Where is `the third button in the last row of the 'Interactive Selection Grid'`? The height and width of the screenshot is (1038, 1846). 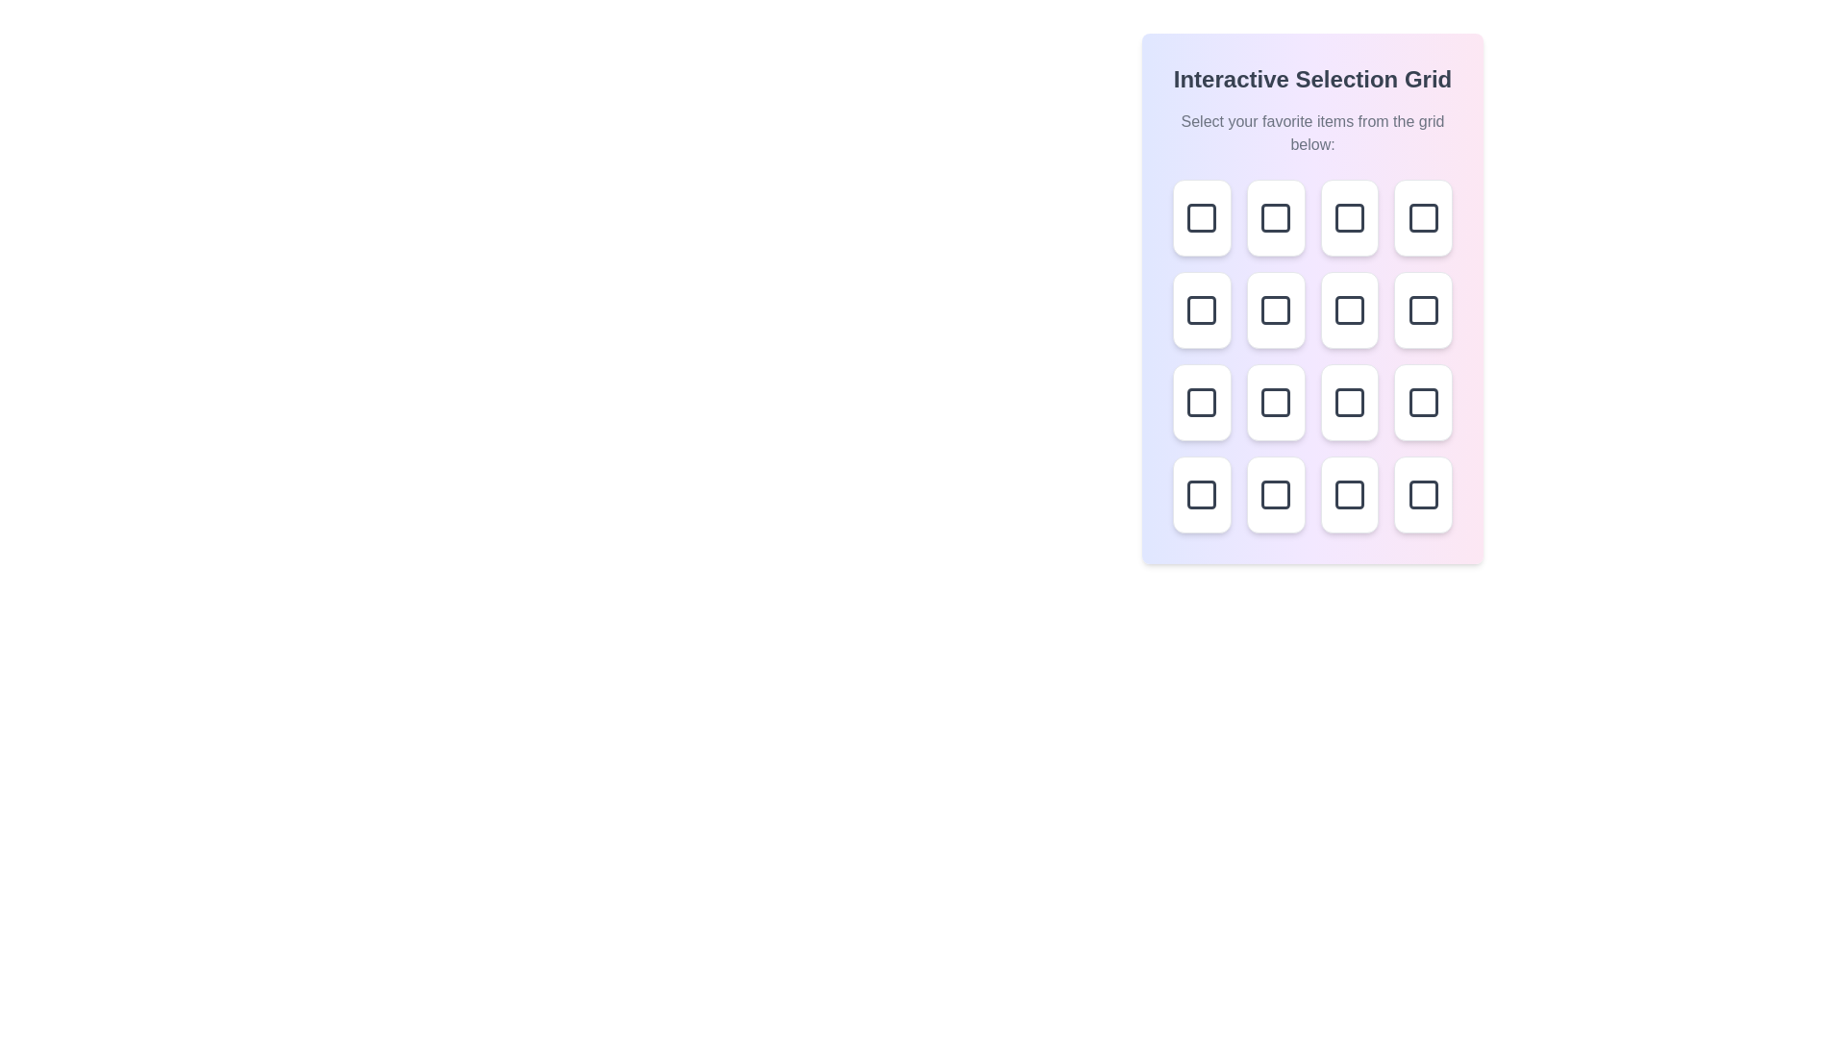 the third button in the last row of the 'Interactive Selection Grid' is located at coordinates (1348, 402).